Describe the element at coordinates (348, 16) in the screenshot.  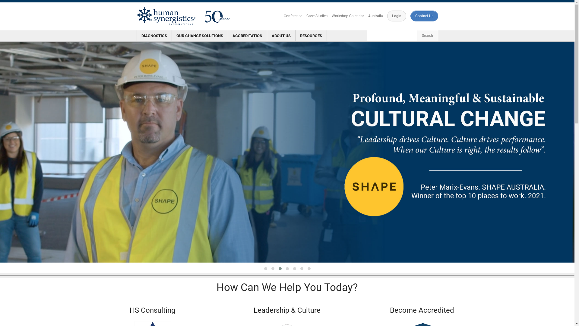
I see `'Workshop Calendar'` at that location.